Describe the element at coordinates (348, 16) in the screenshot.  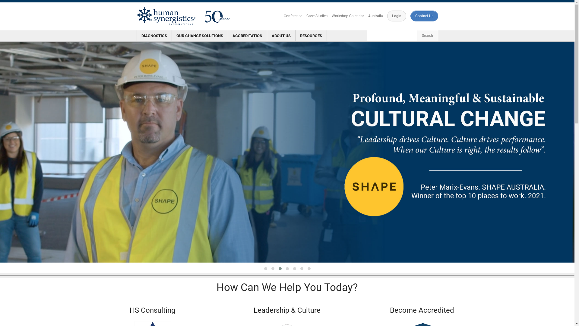
I see `'Workshop Calendar'` at that location.